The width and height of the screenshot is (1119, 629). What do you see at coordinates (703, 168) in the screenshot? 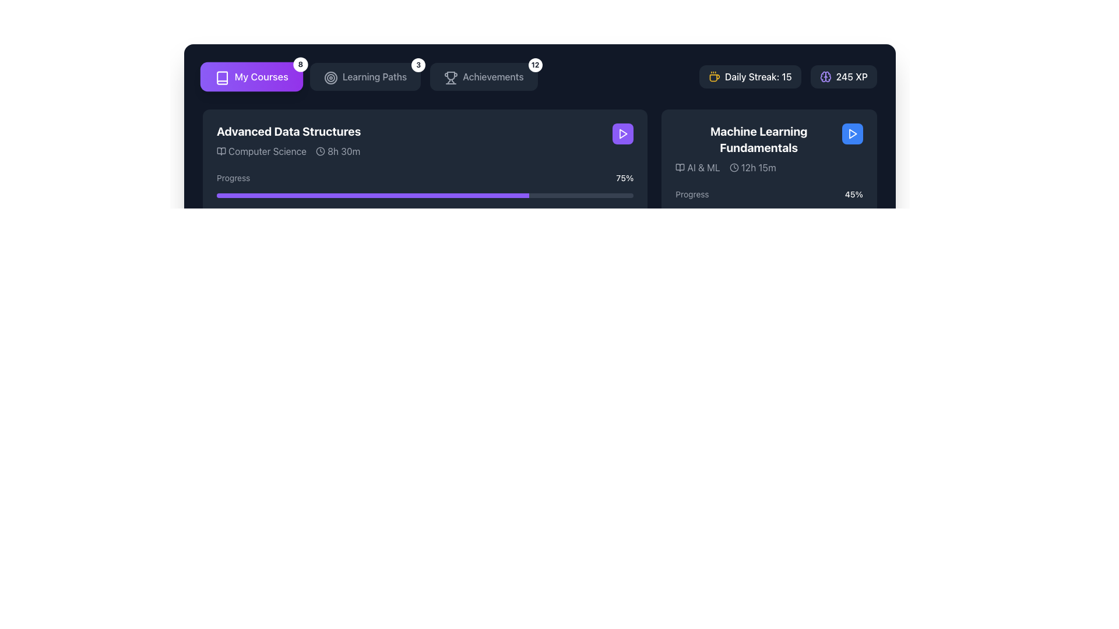
I see `the text label indicating 'AI & ML' for the 'Machine Learning Fundamentals' lesson, which is positioned to the right of a small book icon within the card` at bounding box center [703, 168].